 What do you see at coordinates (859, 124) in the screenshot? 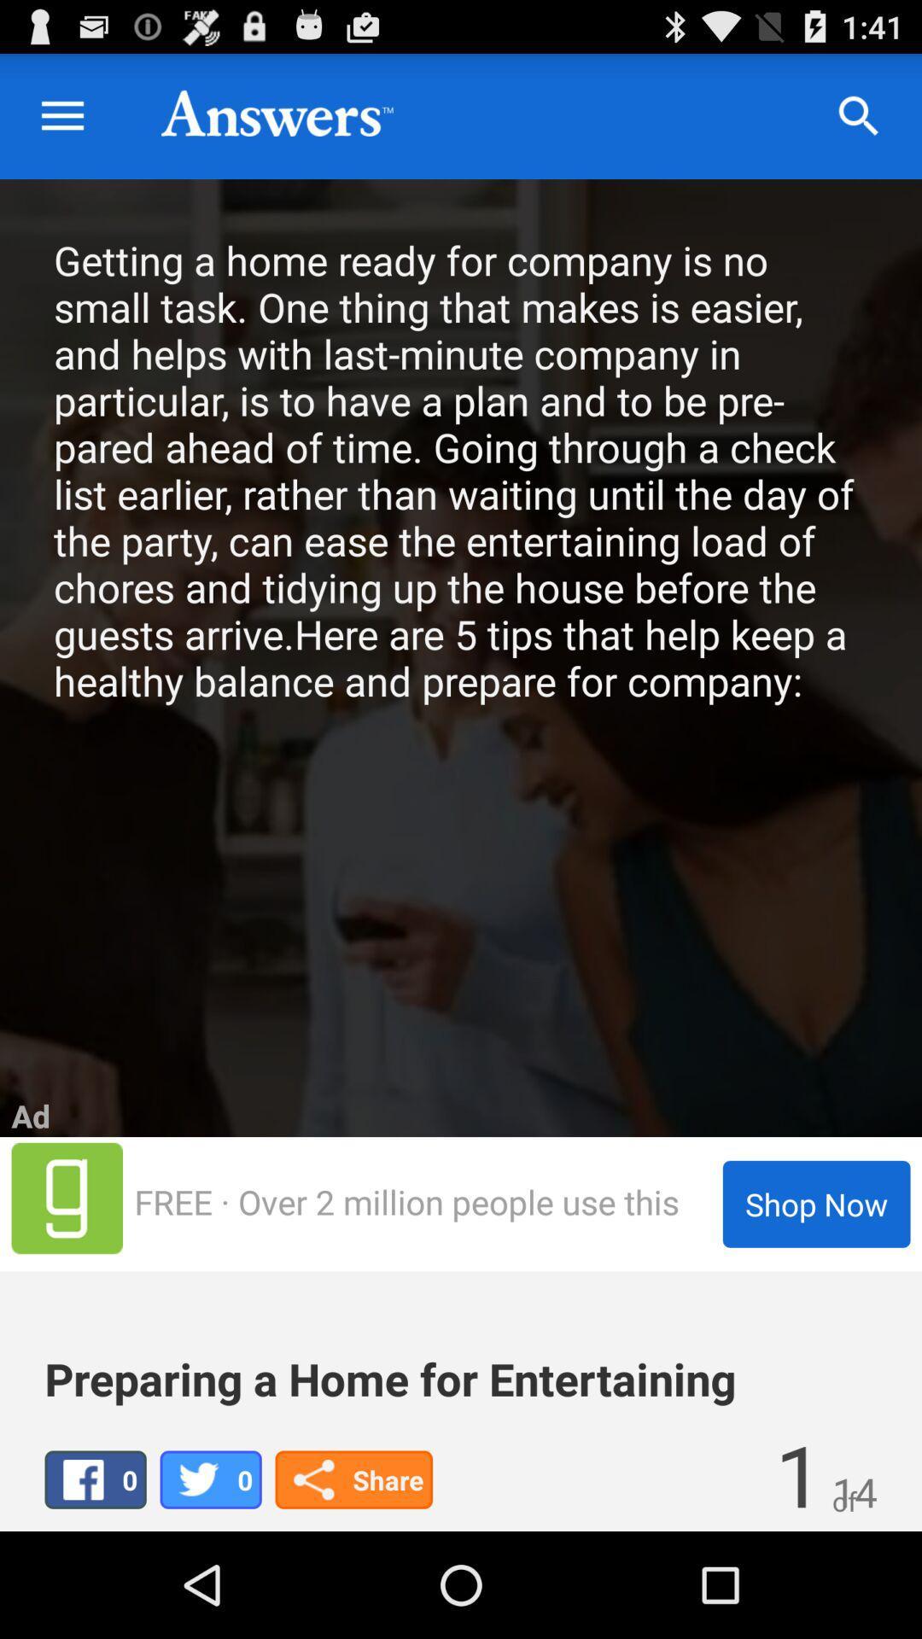
I see `the search icon` at bounding box center [859, 124].